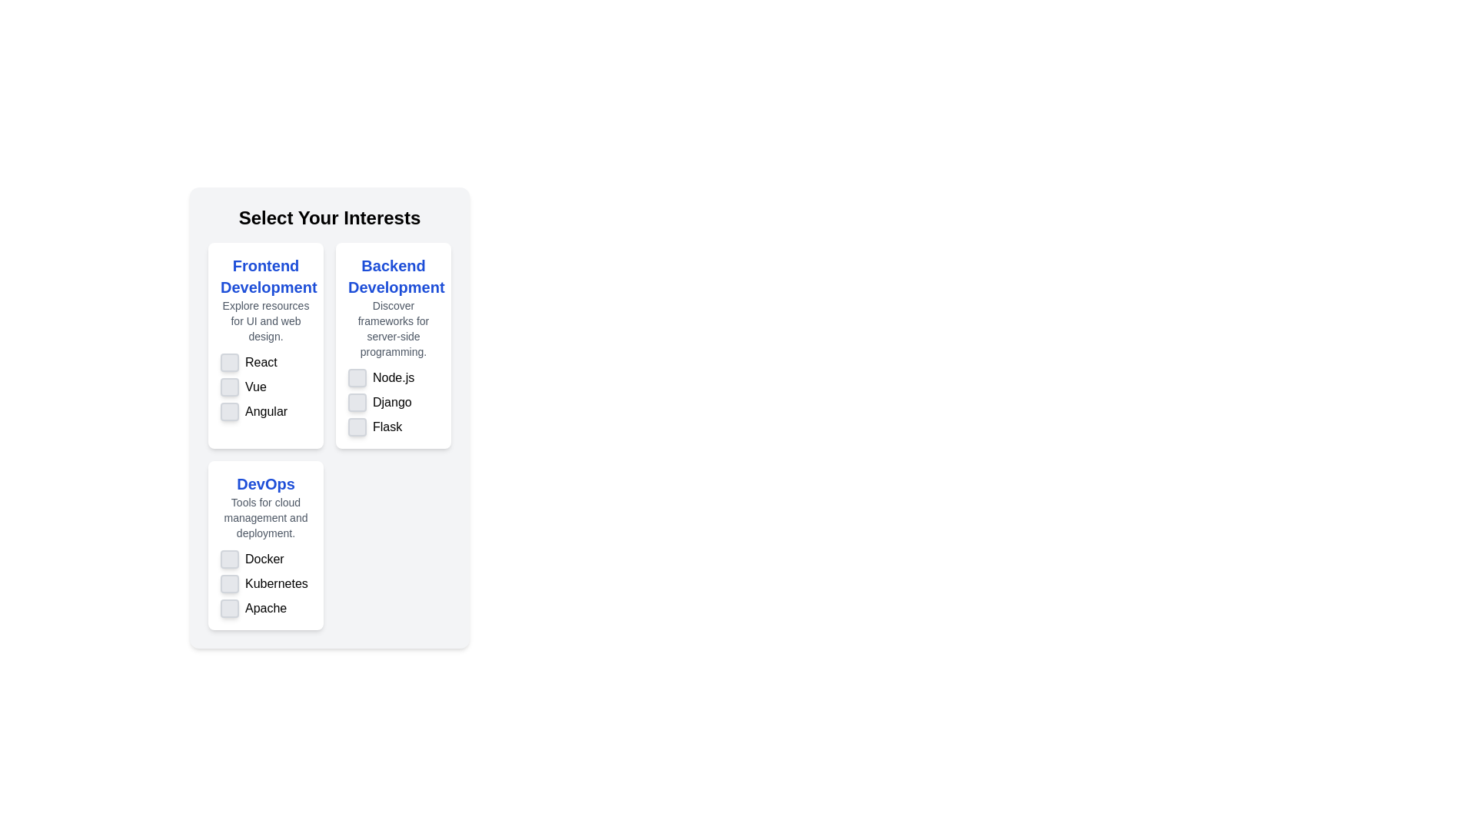  What do you see at coordinates (394, 402) in the screenshot?
I see `text of the label for the 'Django' checkbox option within the 'Backend Development' category, which is the second checkbox in the sequence` at bounding box center [394, 402].